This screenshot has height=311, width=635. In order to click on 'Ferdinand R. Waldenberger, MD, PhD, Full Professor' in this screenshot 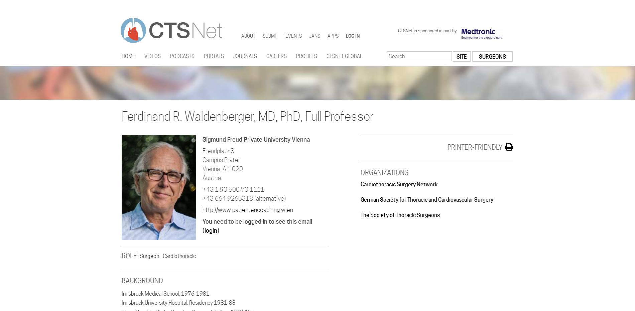, I will do `click(247, 116)`.